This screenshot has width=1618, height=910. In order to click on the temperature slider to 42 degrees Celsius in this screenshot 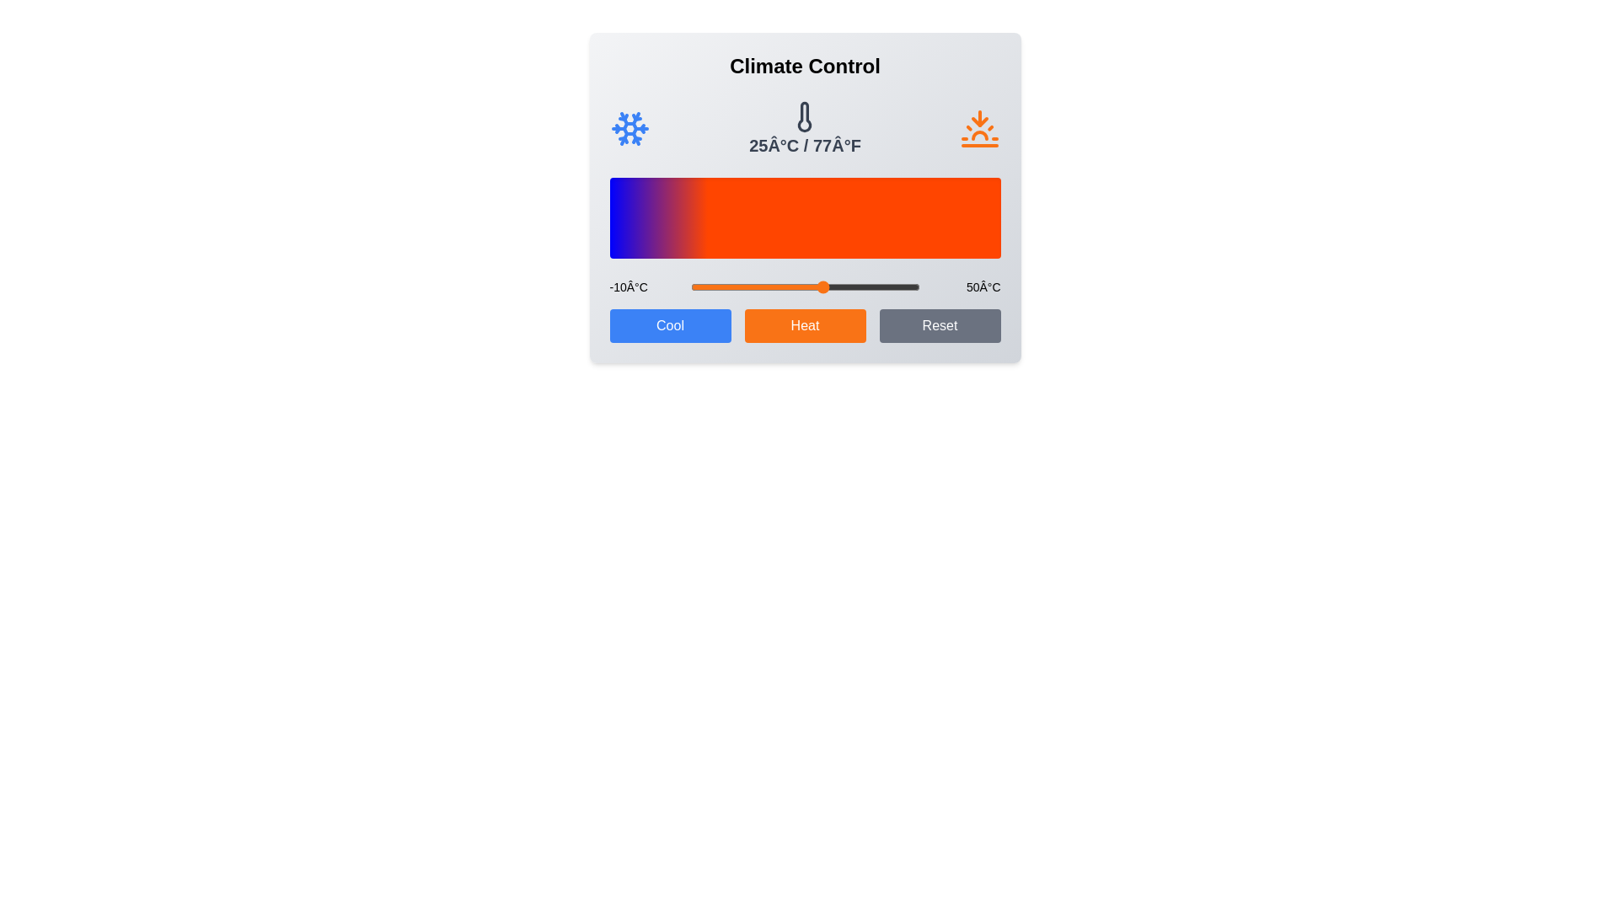, I will do `click(888, 286)`.